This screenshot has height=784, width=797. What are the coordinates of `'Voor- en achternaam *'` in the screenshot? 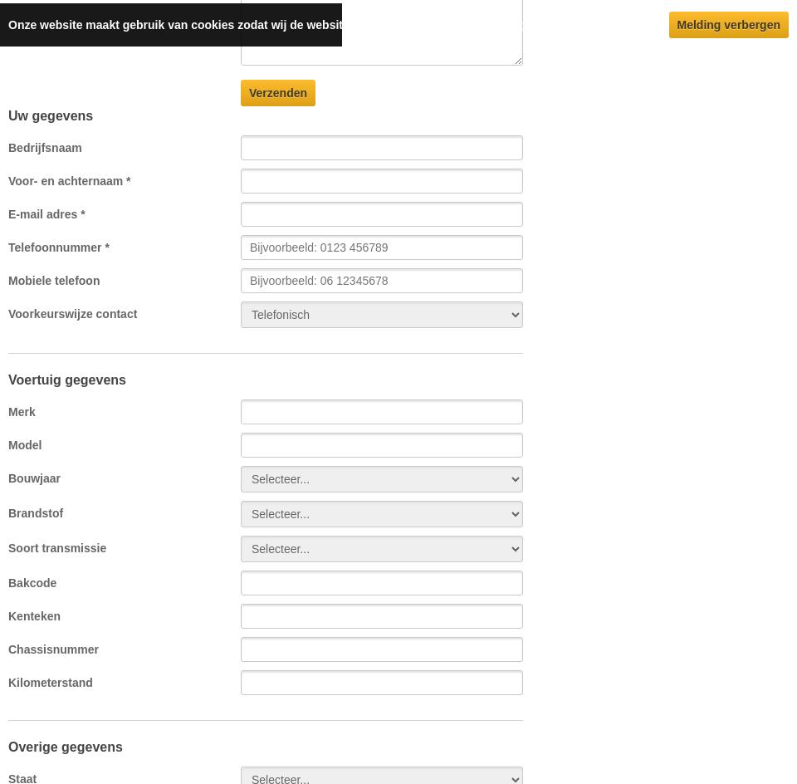 It's located at (69, 179).